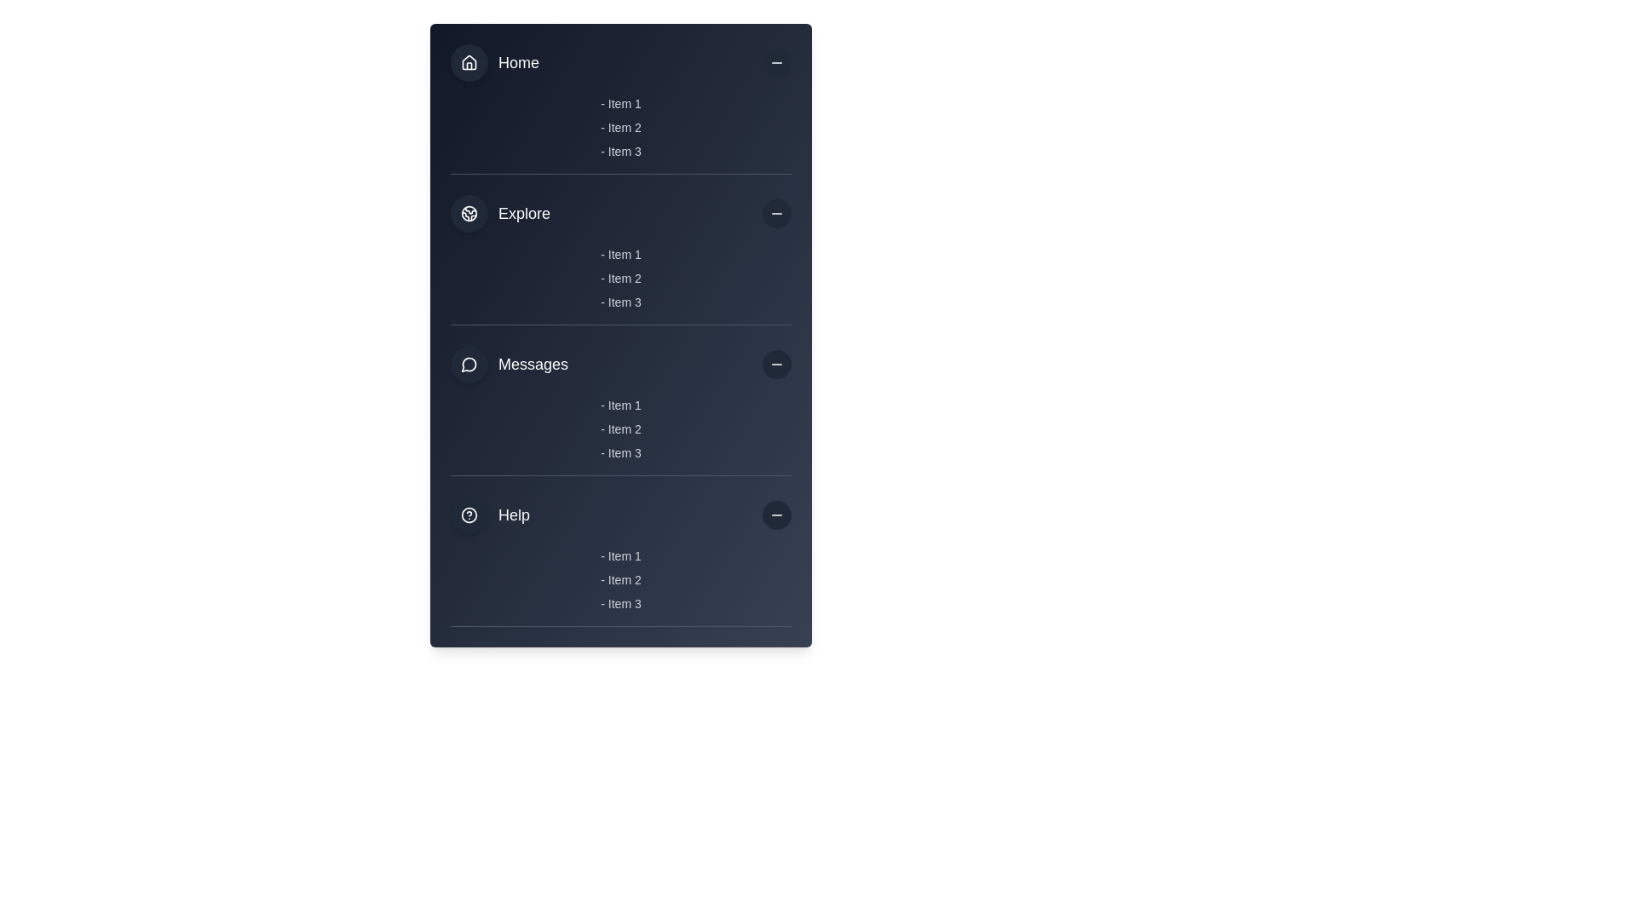  Describe the element at coordinates (776, 364) in the screenshot. I see `the small, rounded gray button with a minus icon at the far-right end of the 'Messages' section` at that location.